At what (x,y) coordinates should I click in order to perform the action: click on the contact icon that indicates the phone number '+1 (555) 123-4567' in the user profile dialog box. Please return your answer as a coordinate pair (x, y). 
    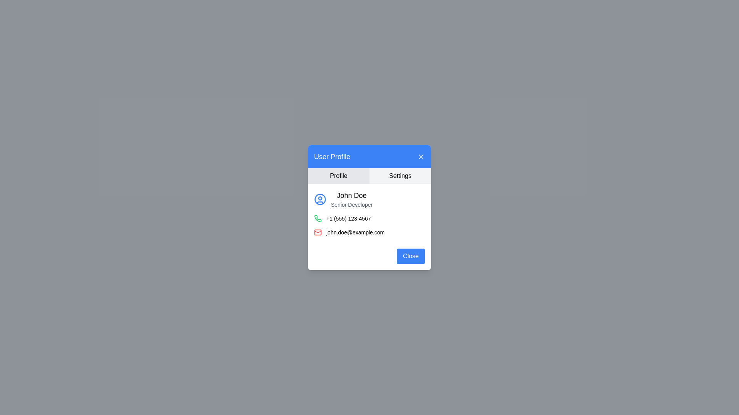
    Looking at the image, I should click on (318, 218).